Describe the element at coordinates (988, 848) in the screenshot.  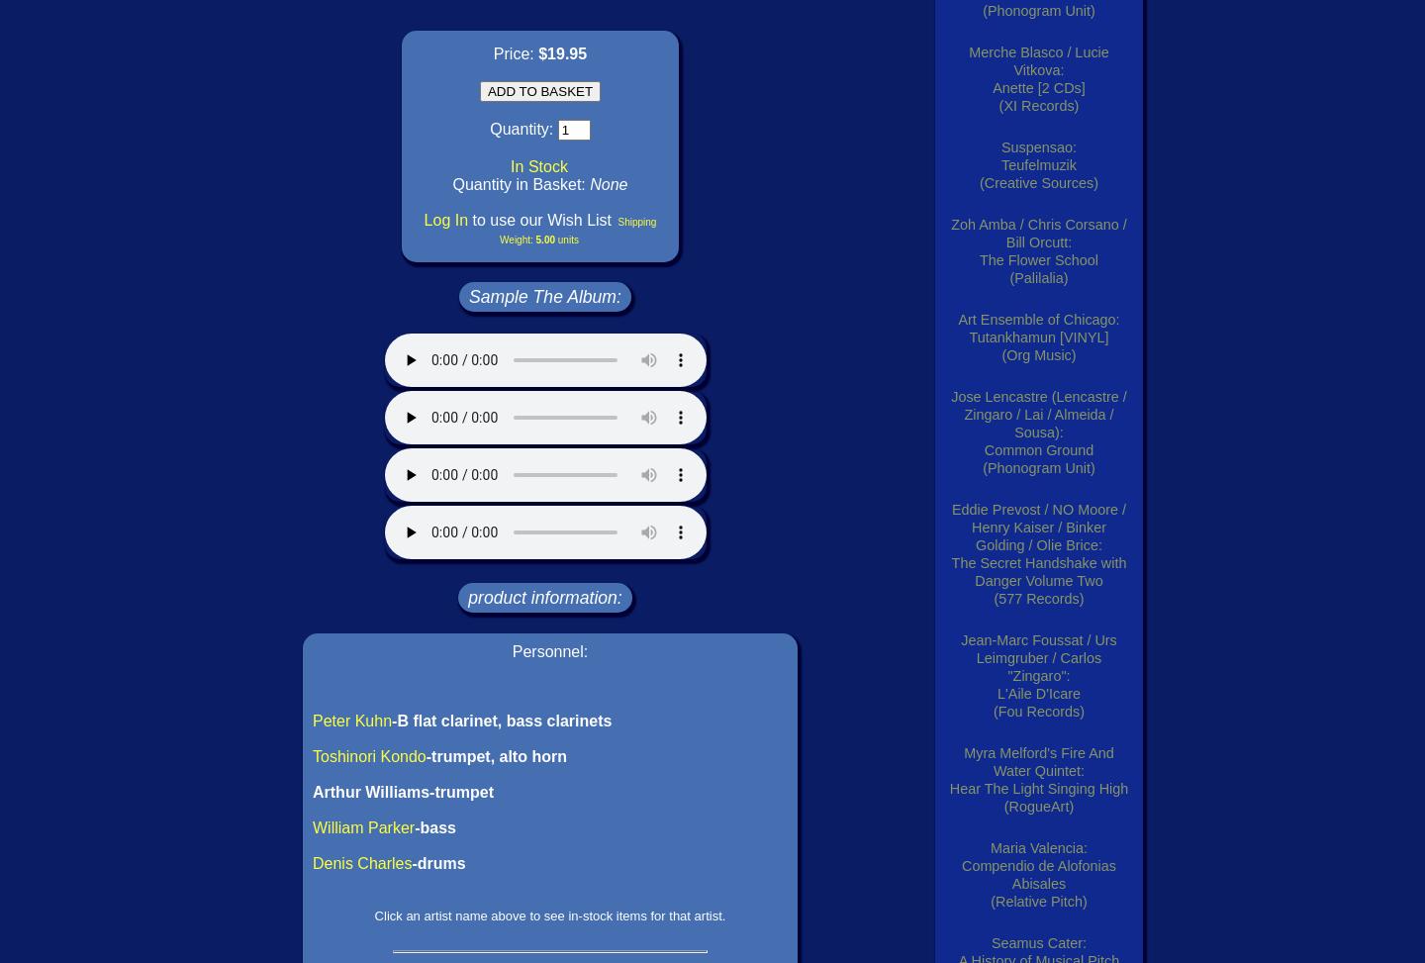
I see `'Maria Valencia:'` at that location.